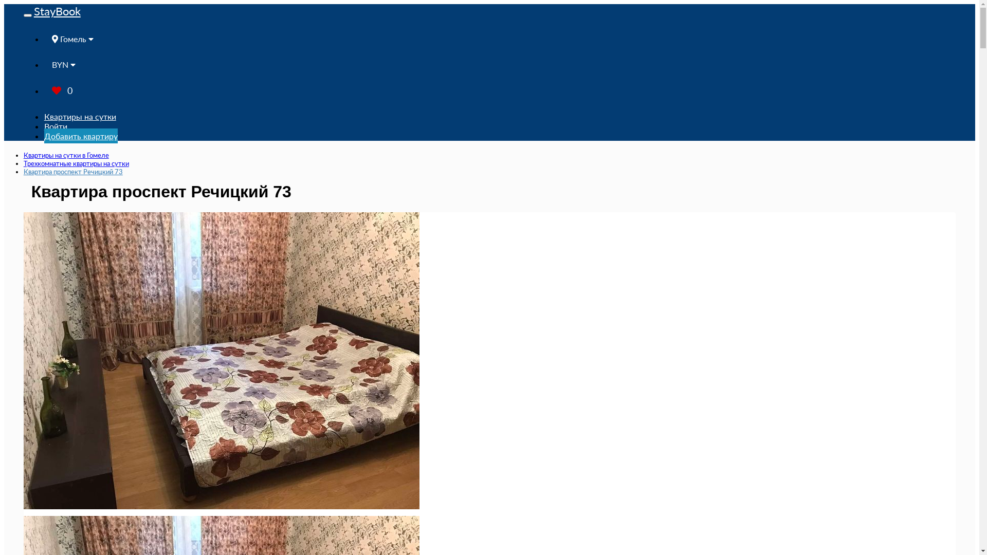 The image size is (987, 555). I want to click on 'StayBook', so click(57, 11).